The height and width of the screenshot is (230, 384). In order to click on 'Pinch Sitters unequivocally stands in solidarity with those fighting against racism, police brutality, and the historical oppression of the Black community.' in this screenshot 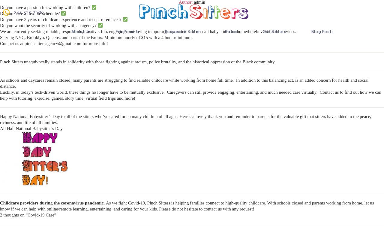, I will do `click(137, 62)`.